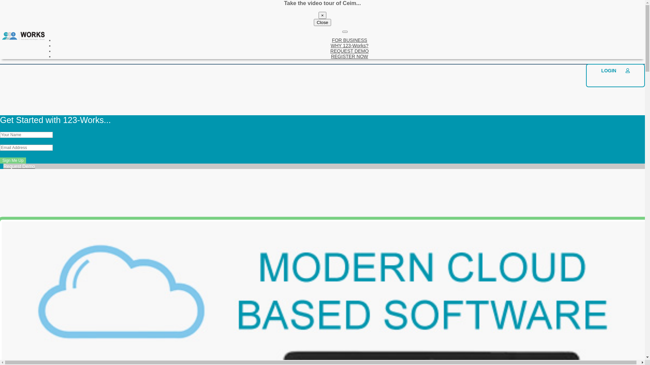  What do you see at coordinates (331, 40) in the screenshot?
I see `'FOR BUSINESS'` at bounding box center [331, 40].